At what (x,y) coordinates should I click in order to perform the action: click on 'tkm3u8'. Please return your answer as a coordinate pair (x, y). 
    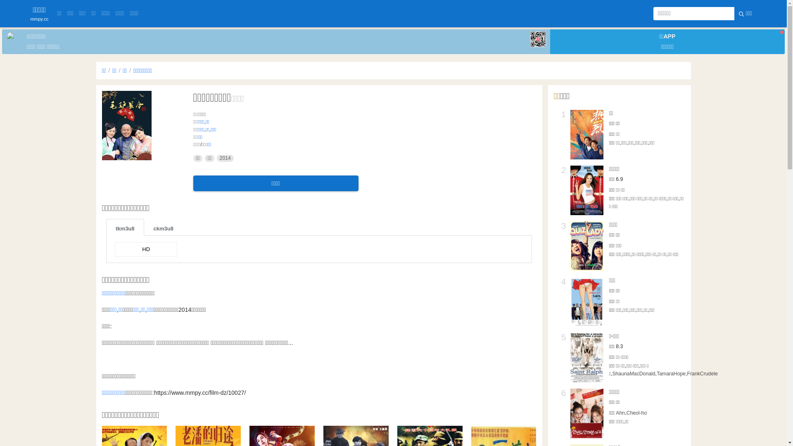
    Looking at the image, I should click on (124, 227).